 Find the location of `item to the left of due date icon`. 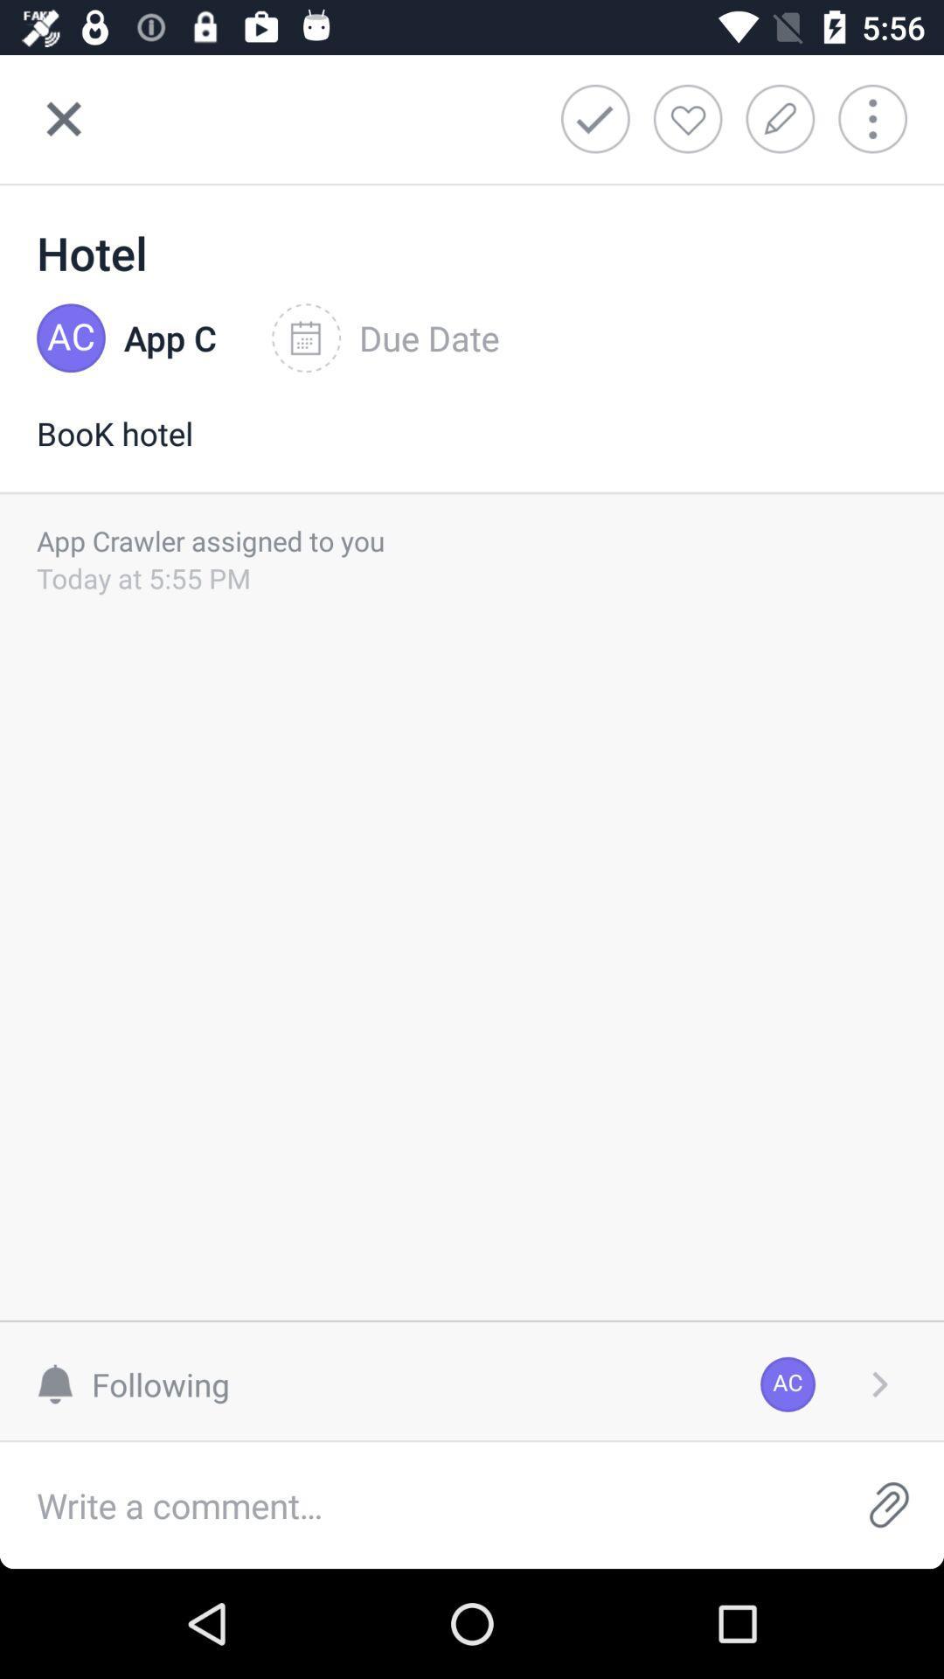

item to the left of due date icon is located at coordinates (170, 338).